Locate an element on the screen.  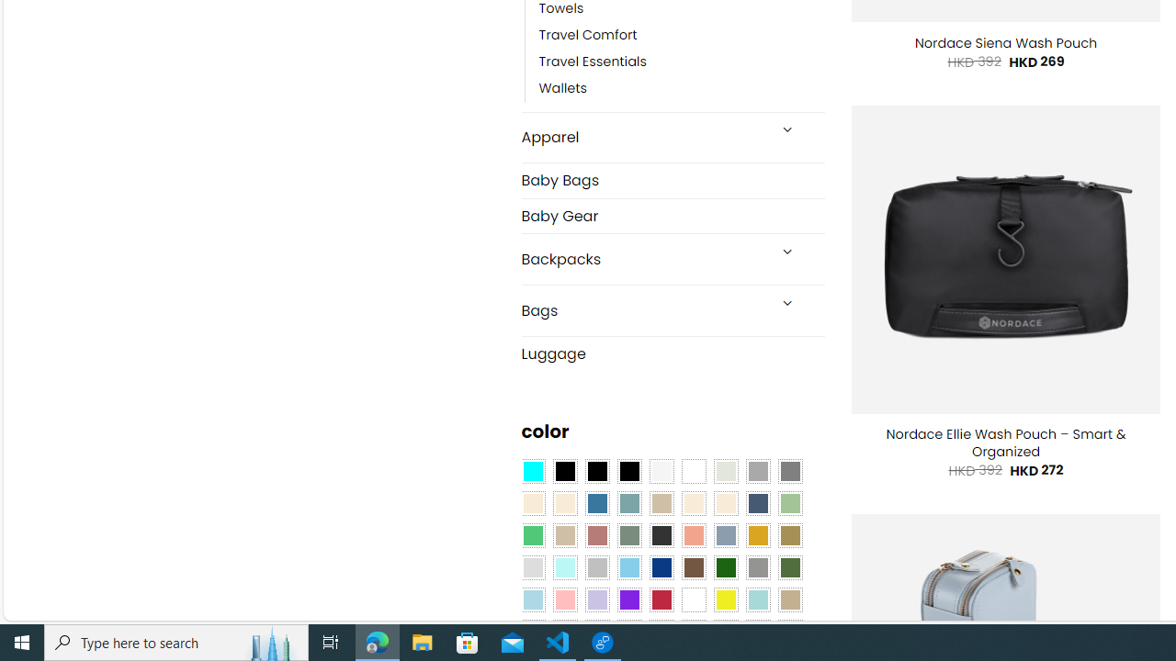
'Light Green' is located at coordinates (790, 504).